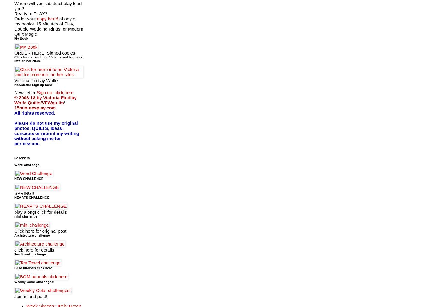 This screenshot has width=437, height=307. What do you see at coordinates (25, 216) in the screenshot?
I see `'mini challenge'` at bounding box center [25, 216].